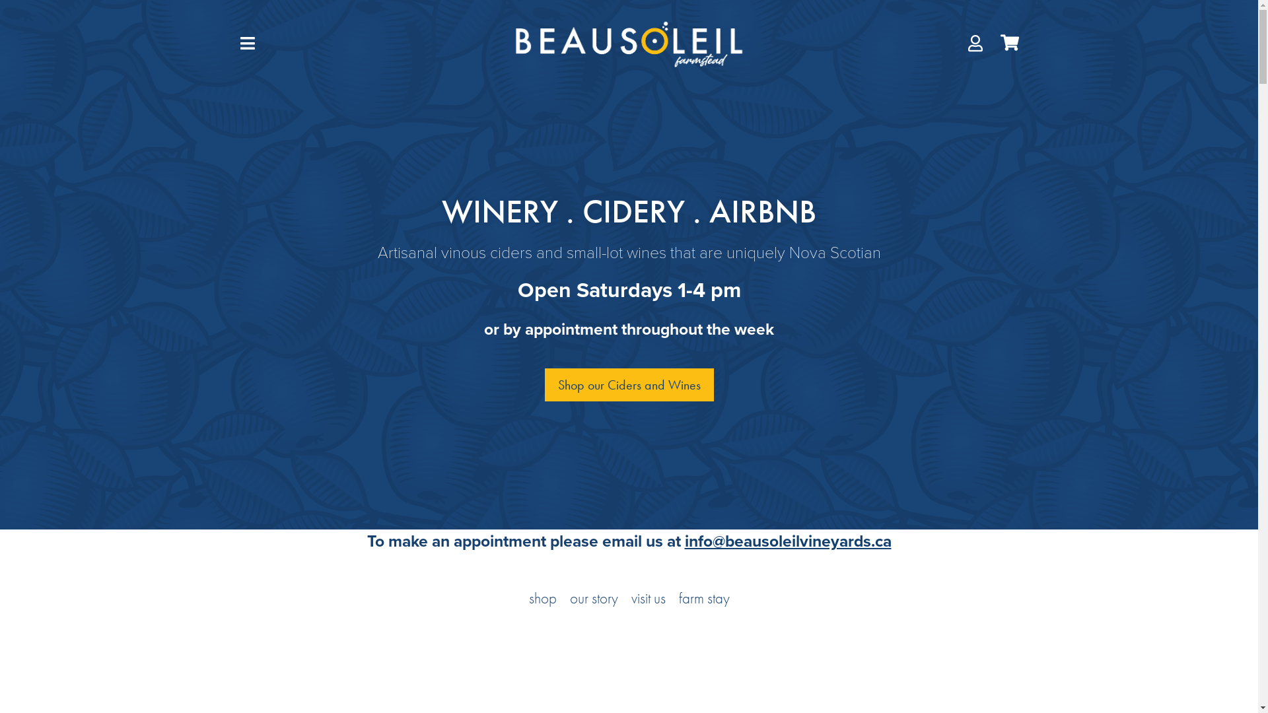 Image resolution: width=1268 pixels, height=713 pixels. What do you see at coordinates (787, 541) in the screenshot?
I see `'info@beausoleilvineyards.ca'` at bounding box center [787, 541].